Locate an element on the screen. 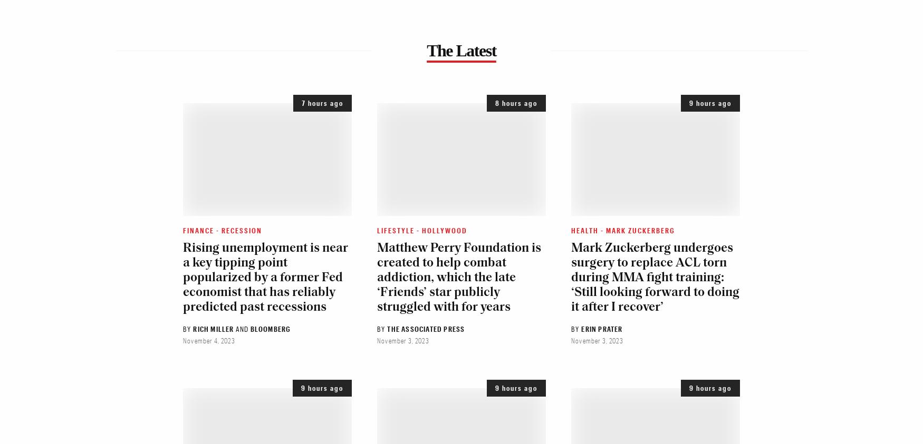 The height and width of the screenshot is (444, 923). 'recession' is located at coordinates (221, 230).